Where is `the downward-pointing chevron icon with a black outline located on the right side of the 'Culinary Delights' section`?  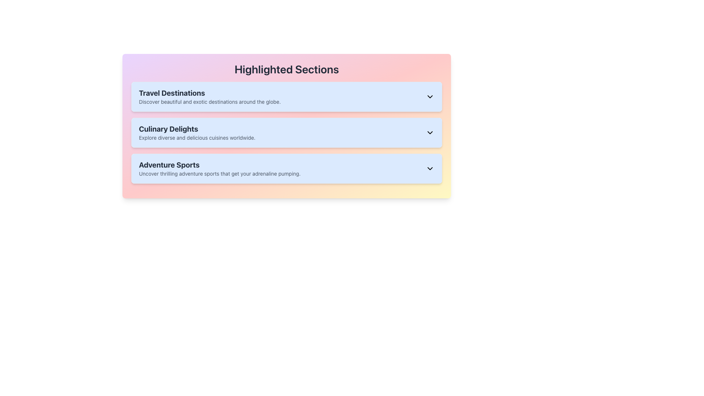 the downward-pointing chevron icon with a black outline located on the right side of the 'Culinary Delights' section is located at coordinates (430, 133).